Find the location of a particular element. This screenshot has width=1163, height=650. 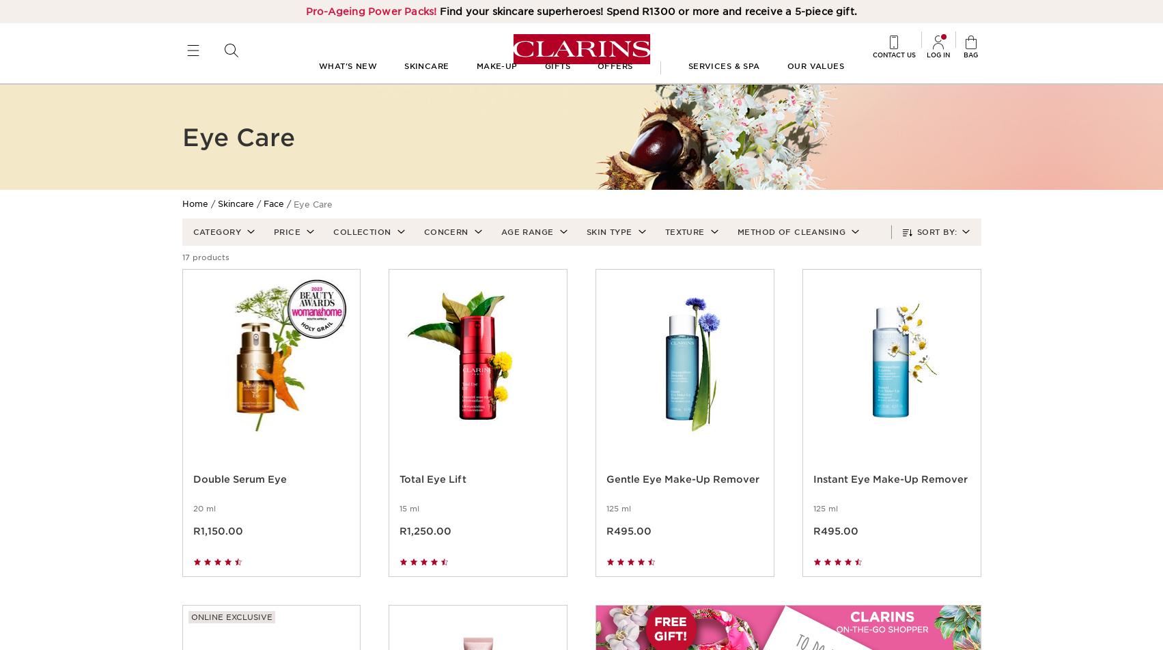

'Age Range' is located at coordinates (500, 247).